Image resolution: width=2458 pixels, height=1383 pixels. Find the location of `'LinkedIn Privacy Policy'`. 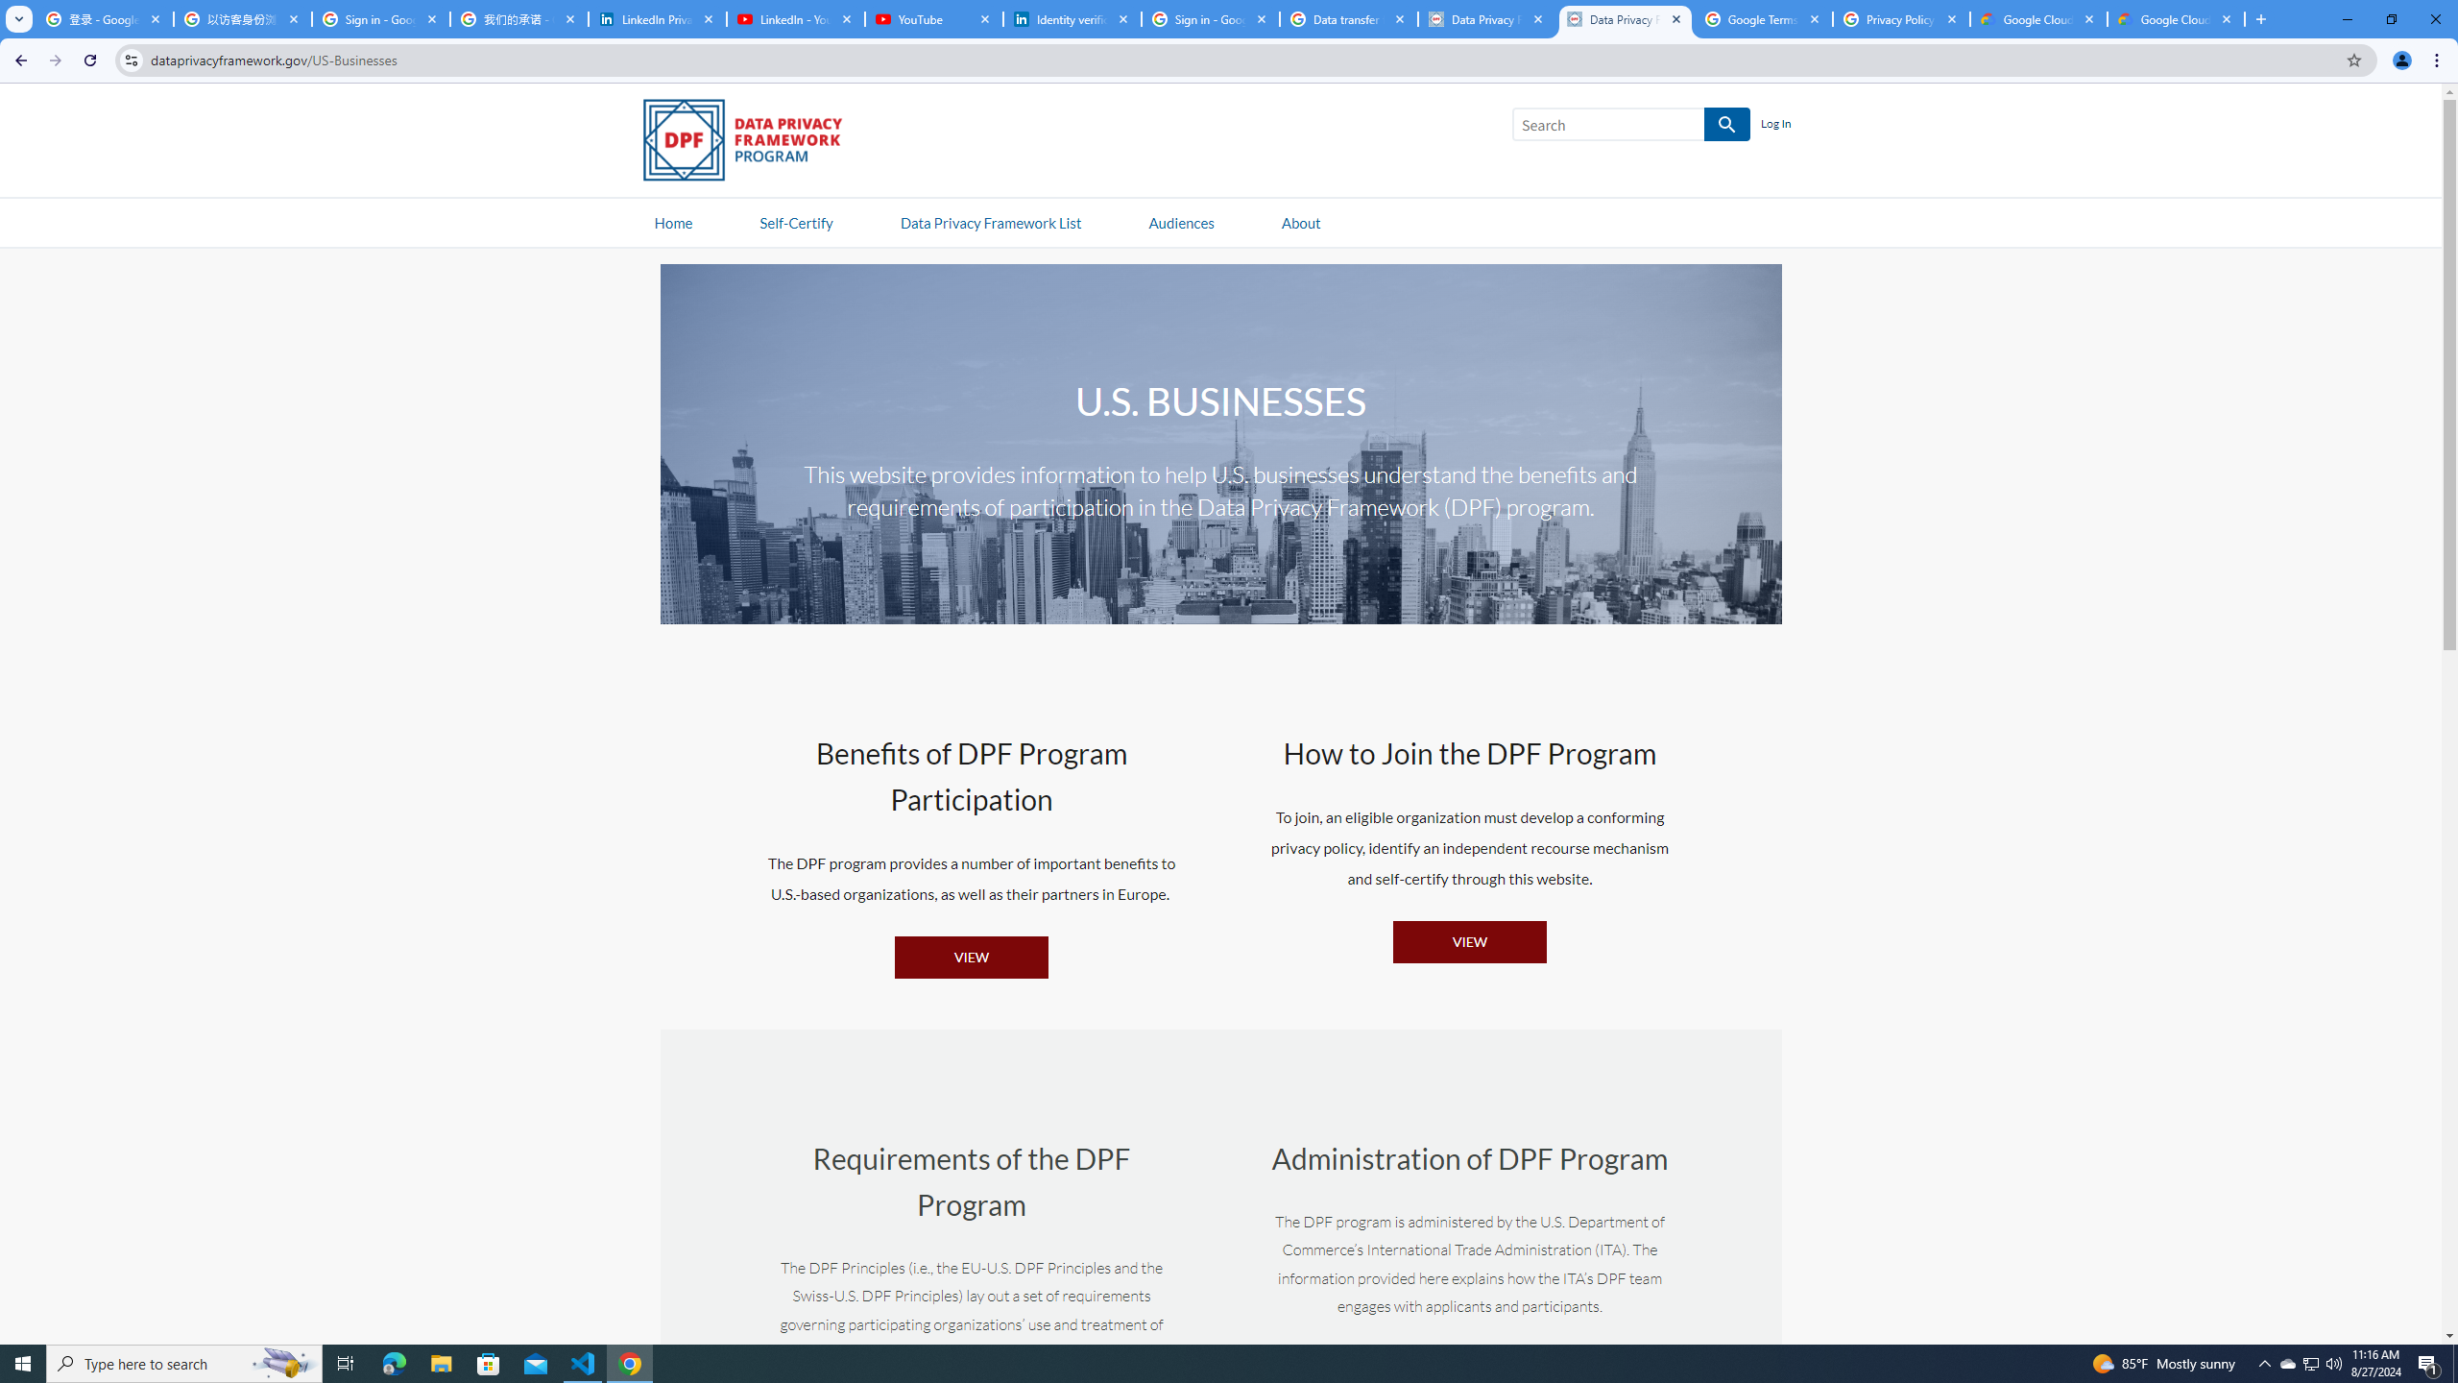

'LinkedIn Privacy Policy' is located at coordinates (657, 18).